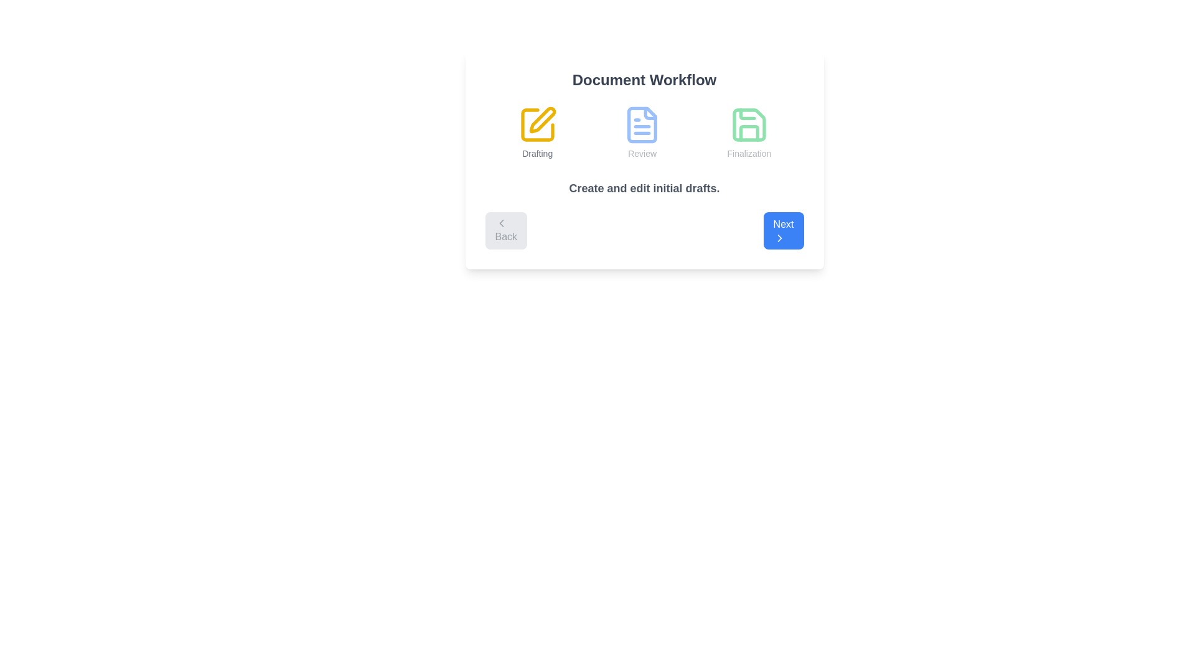  Describe the element at coordinates (537, 132) in the screenshot. I see `the 'Drafting' icon in the document workflow process` at that location.